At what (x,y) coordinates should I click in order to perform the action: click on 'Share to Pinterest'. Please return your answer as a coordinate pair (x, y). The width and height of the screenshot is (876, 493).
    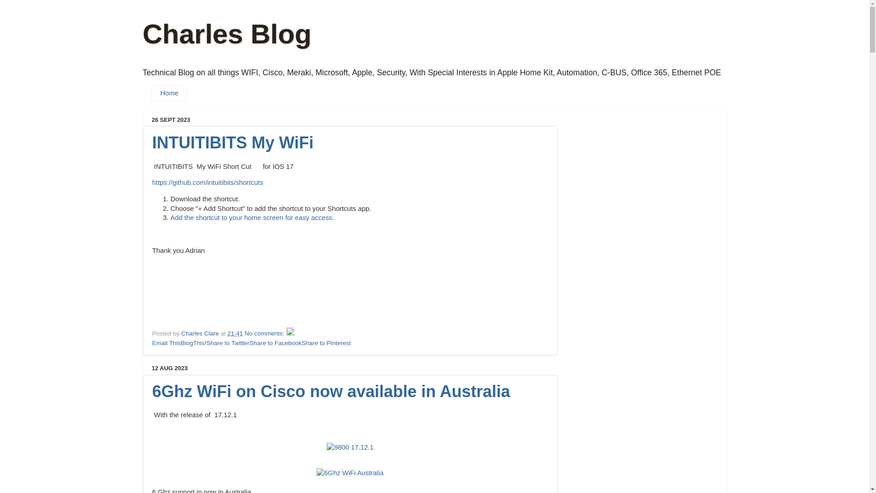
    Looking at the image, I should click on (326, 343).